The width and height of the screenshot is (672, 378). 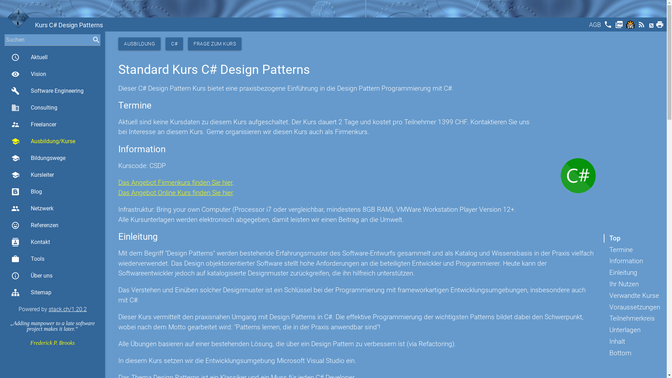 What do you see at coordinates (620, 272) in the screenshot?
I see `'Einleitung'` at bounding box center [620, 272].